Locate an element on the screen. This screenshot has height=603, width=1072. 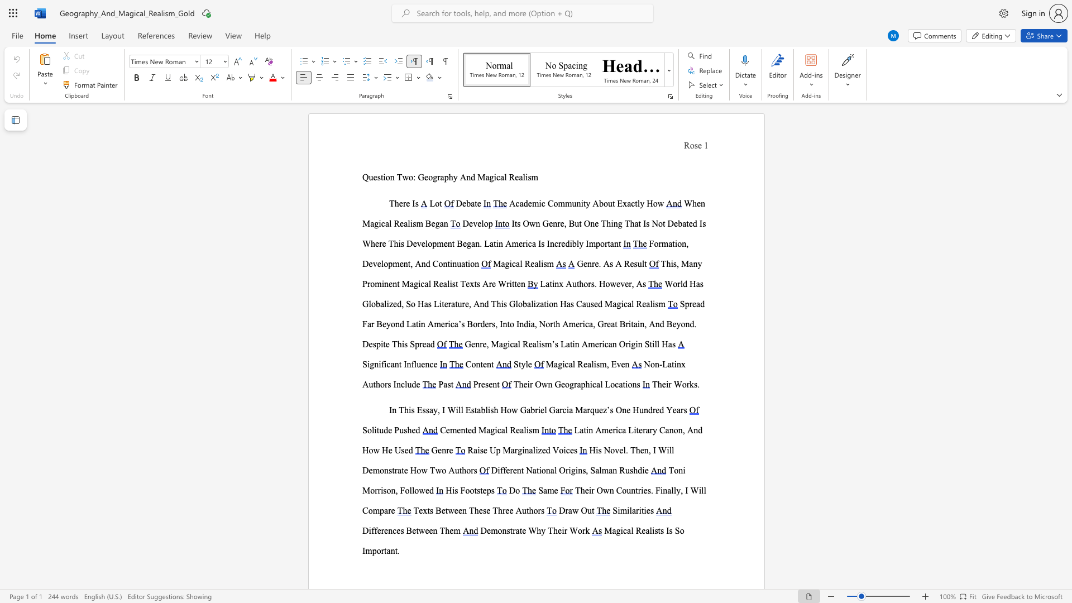
the subset text "wed" within the text "Toni Morrison, Followed" is located at coordinates (418, 490).